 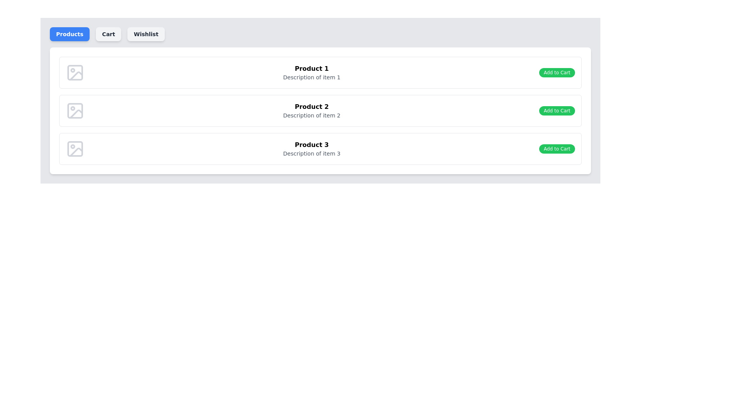 What do you see at coordinates (312, 149) in the screenshot?
I see `text content of the text block providing a title and description for a product, located in the third item row of the list, below 'Product 2'` at bounding box center [312, 149].